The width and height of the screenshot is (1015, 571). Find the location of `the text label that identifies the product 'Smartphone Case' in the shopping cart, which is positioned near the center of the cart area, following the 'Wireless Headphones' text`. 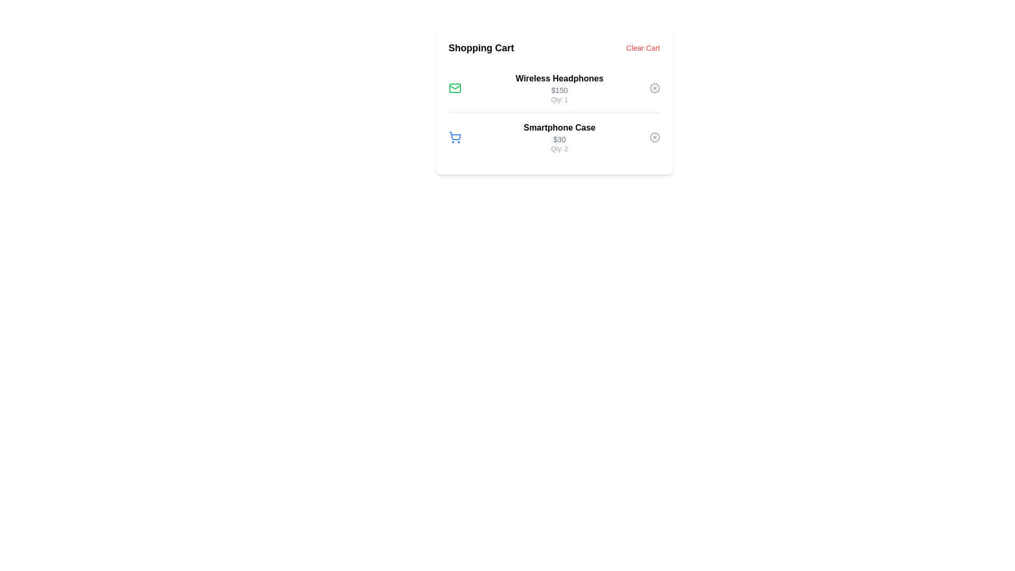

the text label that identifies the product 'Smartphone Case' in the shopping cart, which is positioned near the center of the cart area, following the 'Wireless Headphones' text is located at coordinates (559, 127).